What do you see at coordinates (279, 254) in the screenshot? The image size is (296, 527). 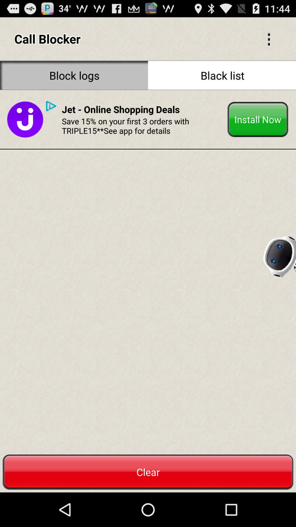 I see `icon above the clear icon` at bounding box center [279, 254].